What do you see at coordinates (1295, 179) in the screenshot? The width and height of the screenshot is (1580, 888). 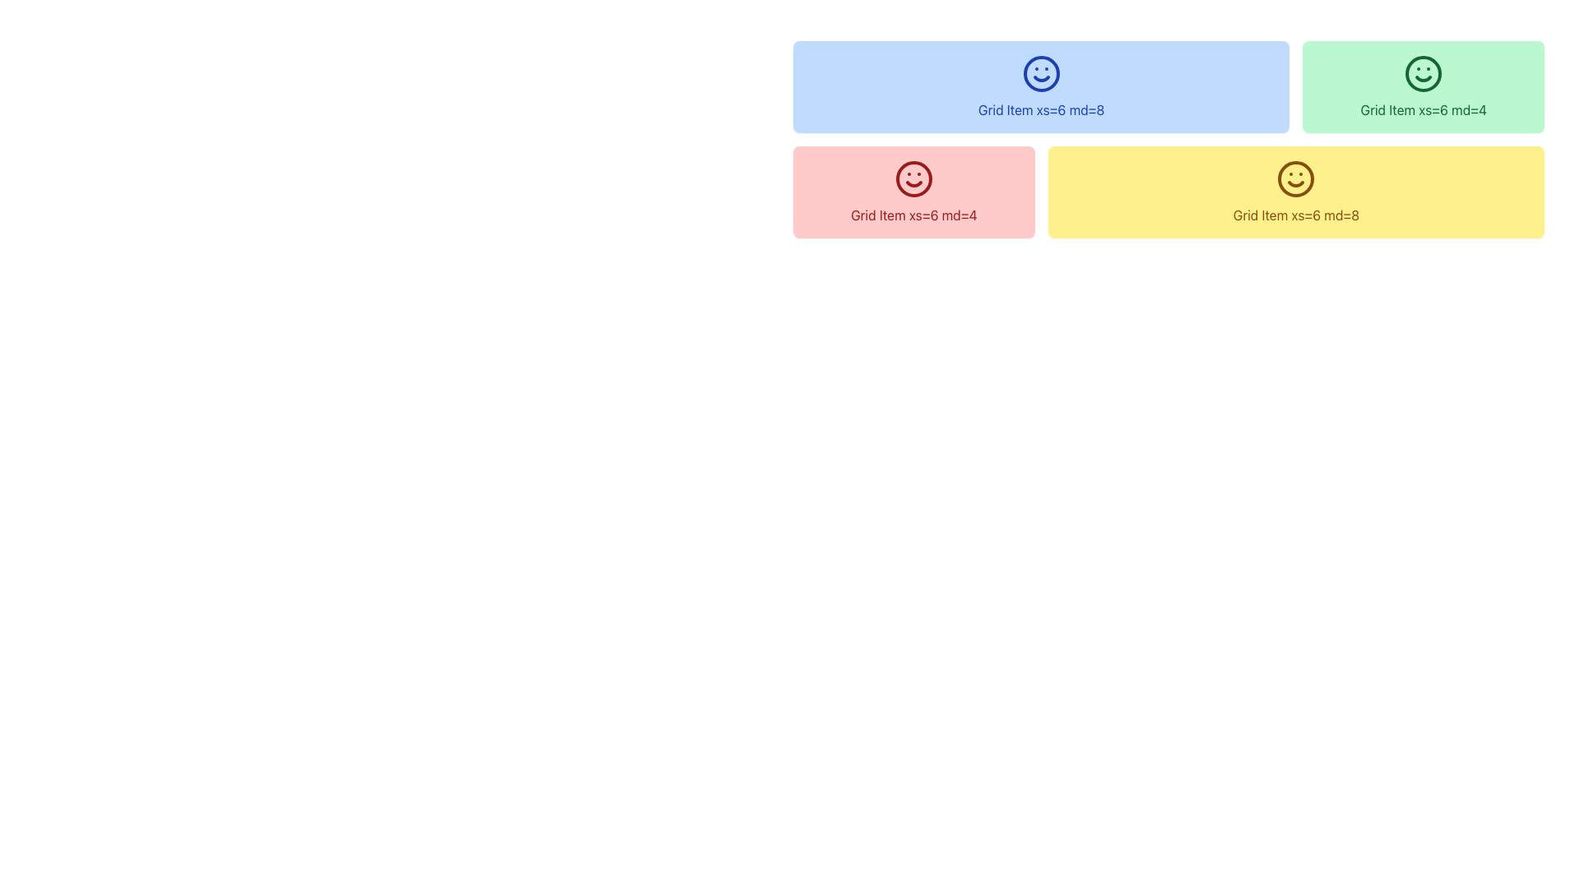 I see `the circular smiling face icon styled in a yellowish-brown tone, which is located within a yellow component labeled 'Grid Item xs=6 md=8'` at bounding box center [1295, 179].